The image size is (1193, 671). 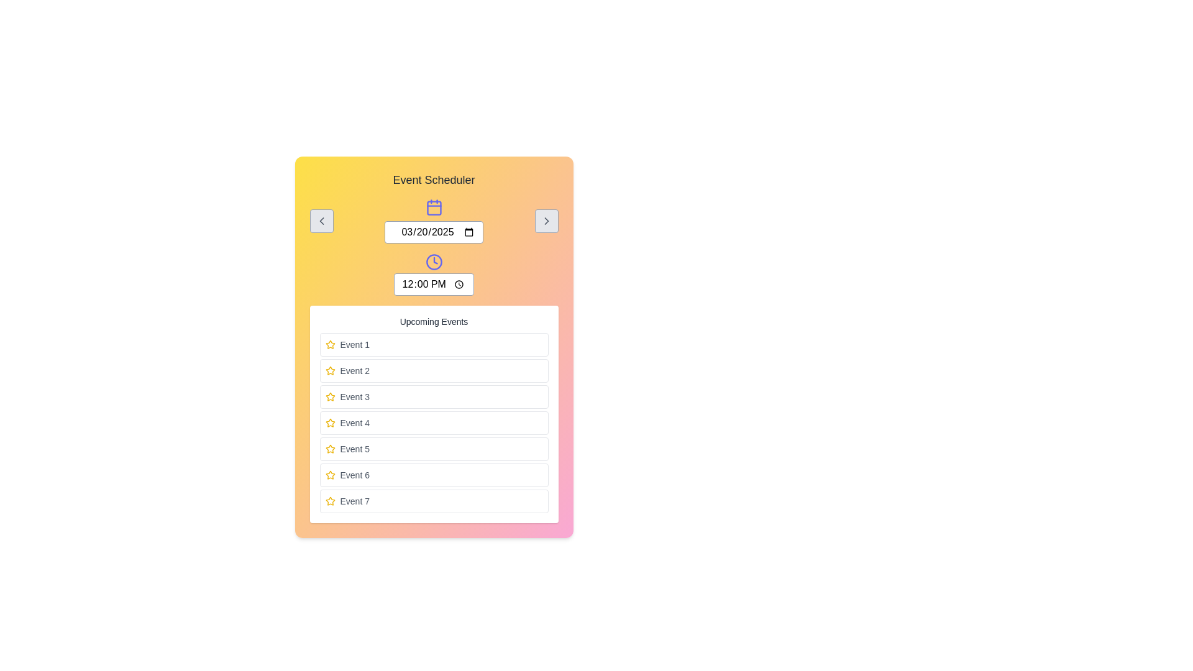 What do you see at coordinates (330, 475) in the screenshot?
I see `the star icon located in the sixth row of the 'Upcoming Events' list to mark 'Event 6' as important or starred` at bounding box center [330, 475].